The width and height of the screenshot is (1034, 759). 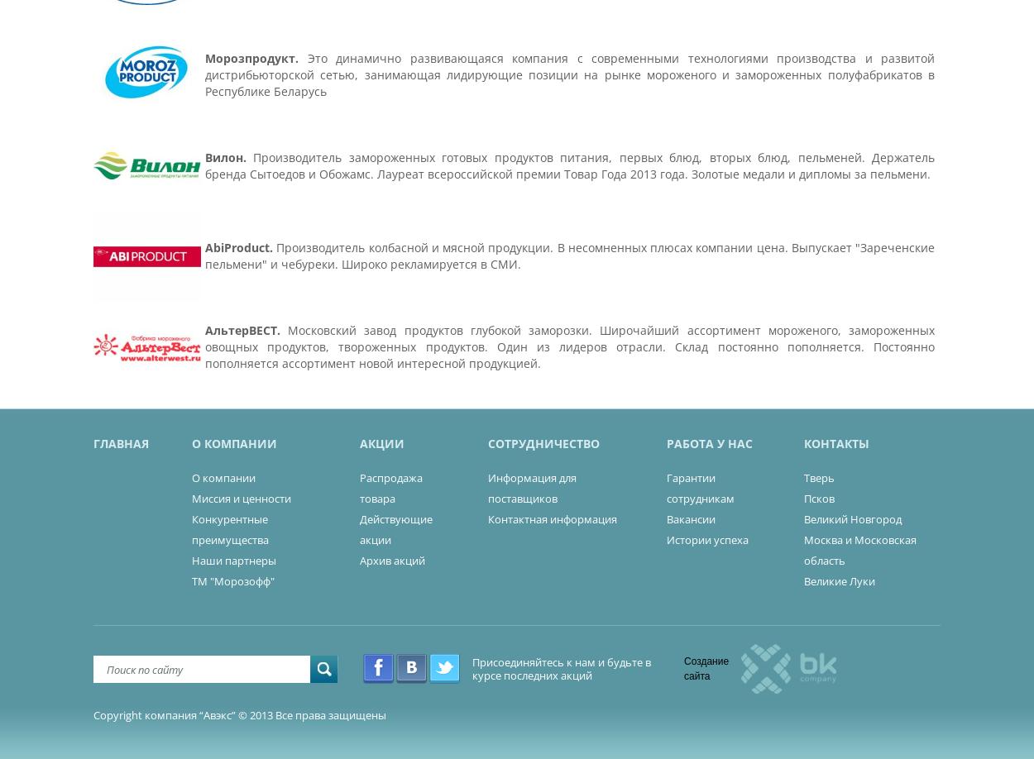 What do you see at coordinates (242, 328) in the screenshot?
I see `'АльтерВЕСТ.'` at bounding box center [242, 328].